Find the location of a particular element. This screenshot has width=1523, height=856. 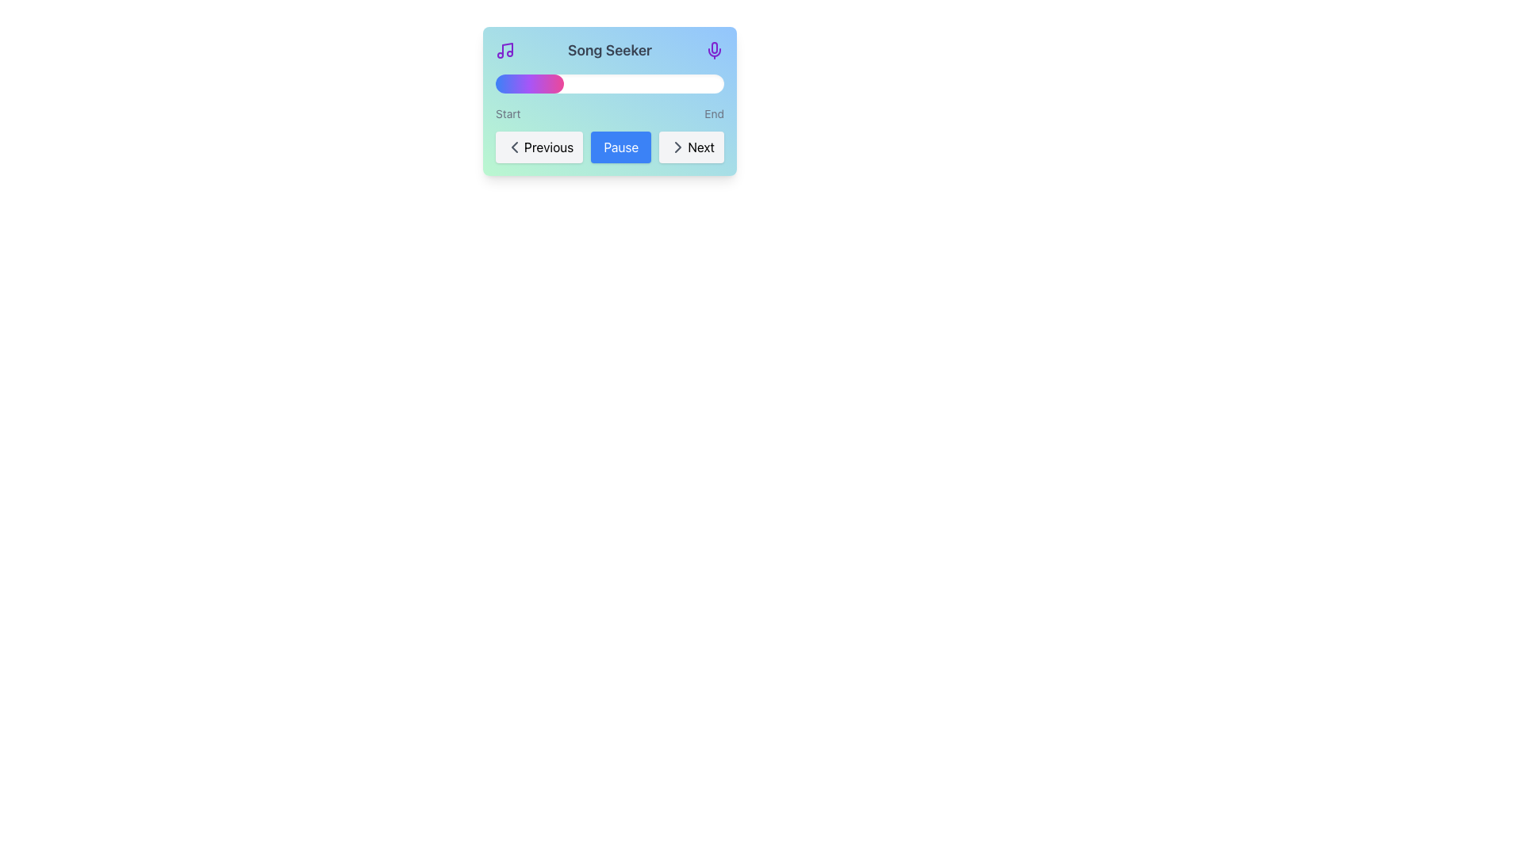

the small purple music icon located at the left side of the top bar of the 'Song Seeker' section is located at coordinates (504, 50).